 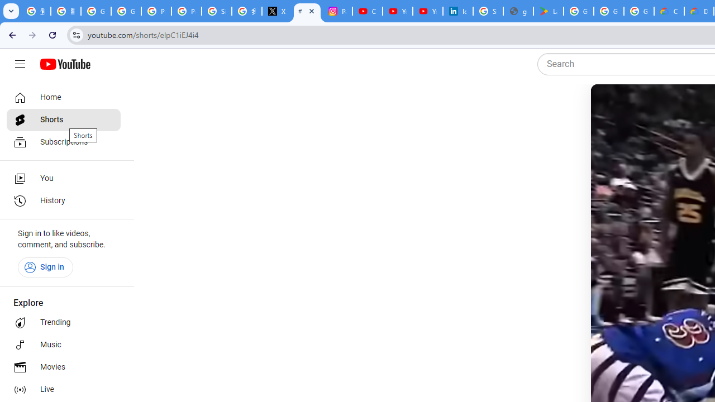 What do you see at coordinates (669, 11) in the screenshot?
I see `'Customer Care | Google Cloud'` at bounding box center [669, 11].